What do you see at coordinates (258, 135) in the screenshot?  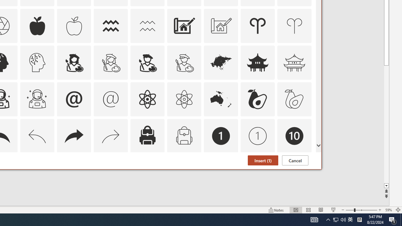 I see `'AutomationID: Icons_Badge1_M'` at bounding box center [258, 135].